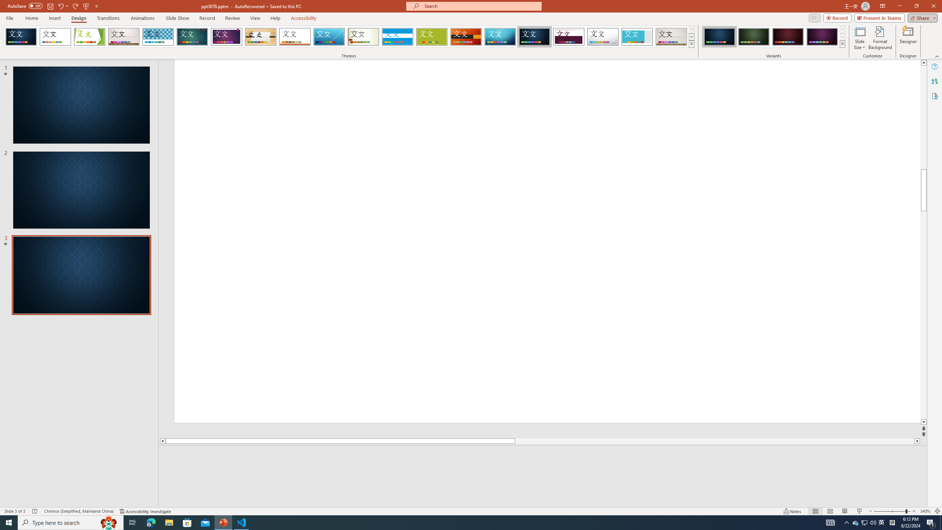  Describe the element at coordinates (822, 36) in the screenshot. I see `'Damask Variant 4'` at that location.